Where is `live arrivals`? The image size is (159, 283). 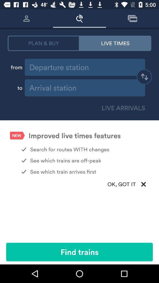
live arrivals is located at coordinates (122, 108).